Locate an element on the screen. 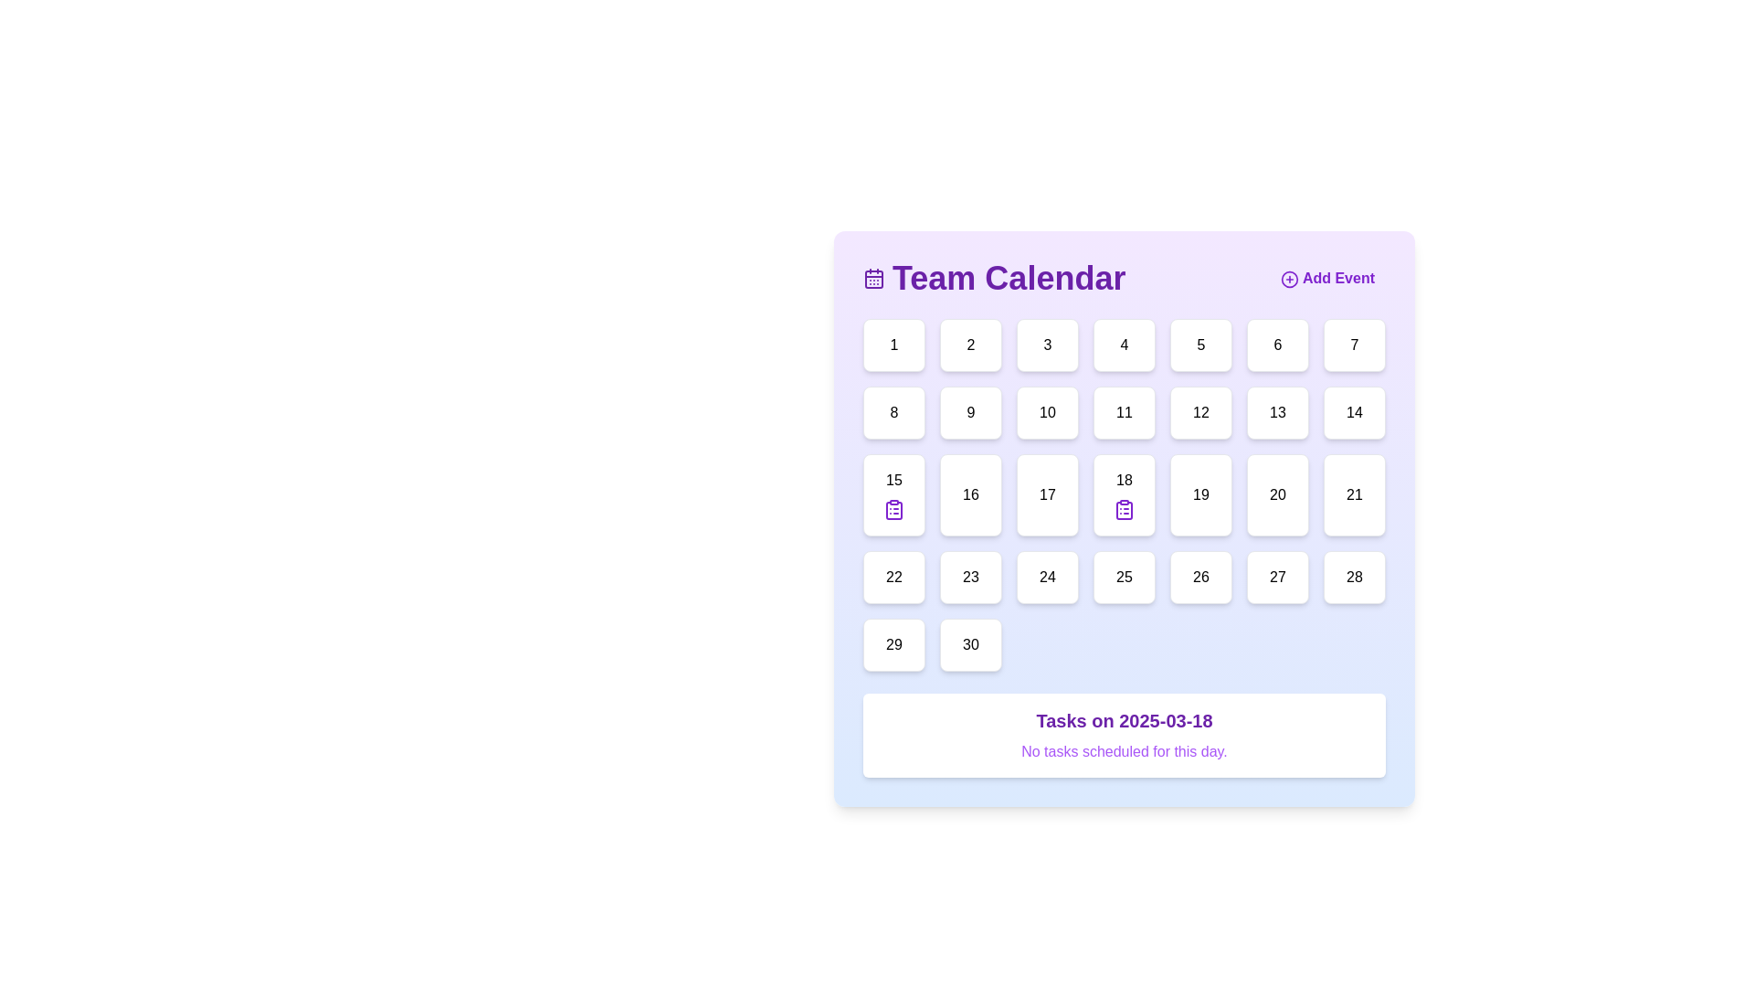 Image resolution: width=1754 pixels, height=987 pixels. information displayed on the Information display panel with bold purple text 'Tasks on 2025-03-18' and lighter purple text 'No tasks scheduled for this day.' is located at coordinates (1123, 735).